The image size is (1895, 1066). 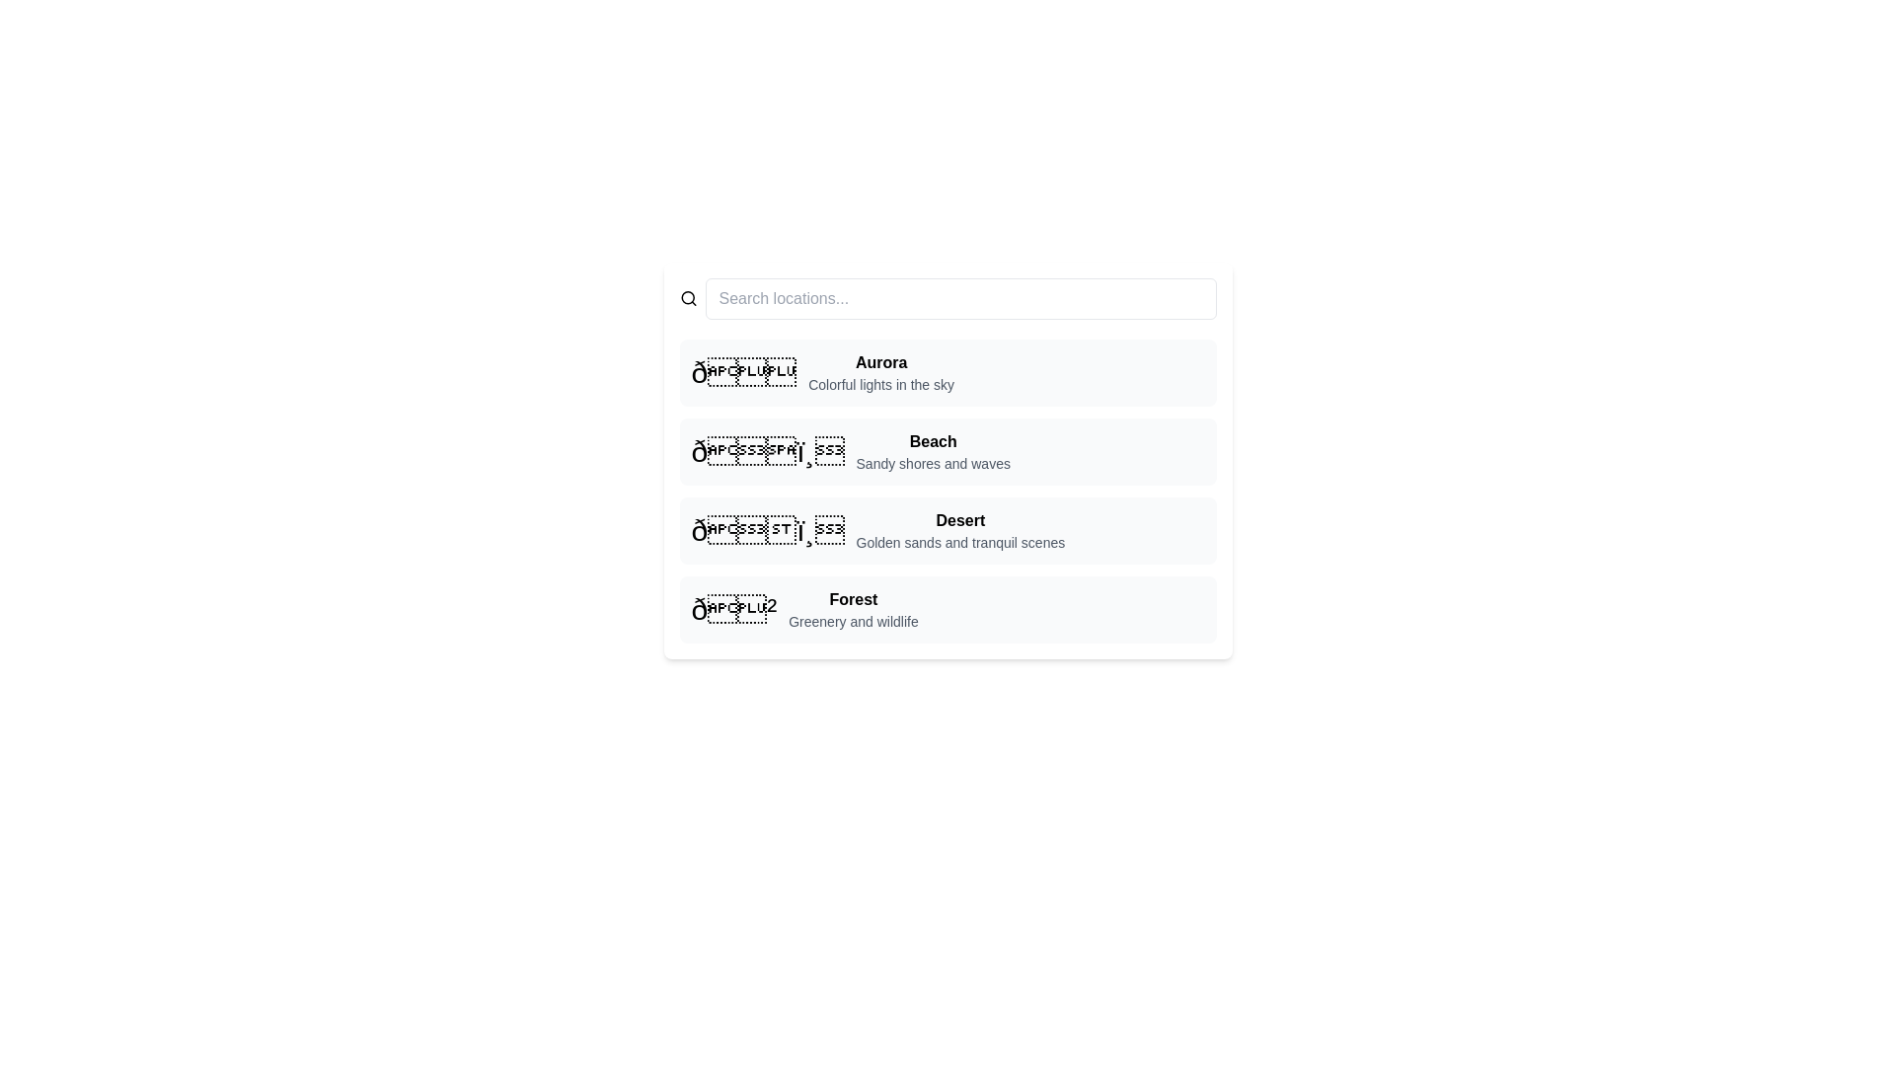 I want to click on the decorative circle element in the search icon located at the left inside the search bar at the top of the interface, so click(x=688, y=298).